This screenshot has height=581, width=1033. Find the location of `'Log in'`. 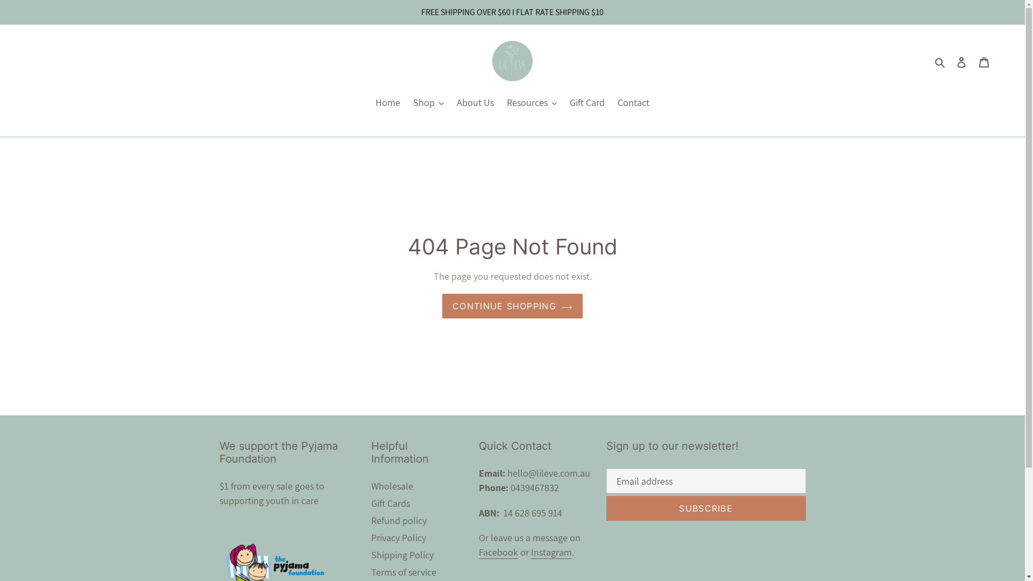

'Log in' is located at coordinates (961, 61).